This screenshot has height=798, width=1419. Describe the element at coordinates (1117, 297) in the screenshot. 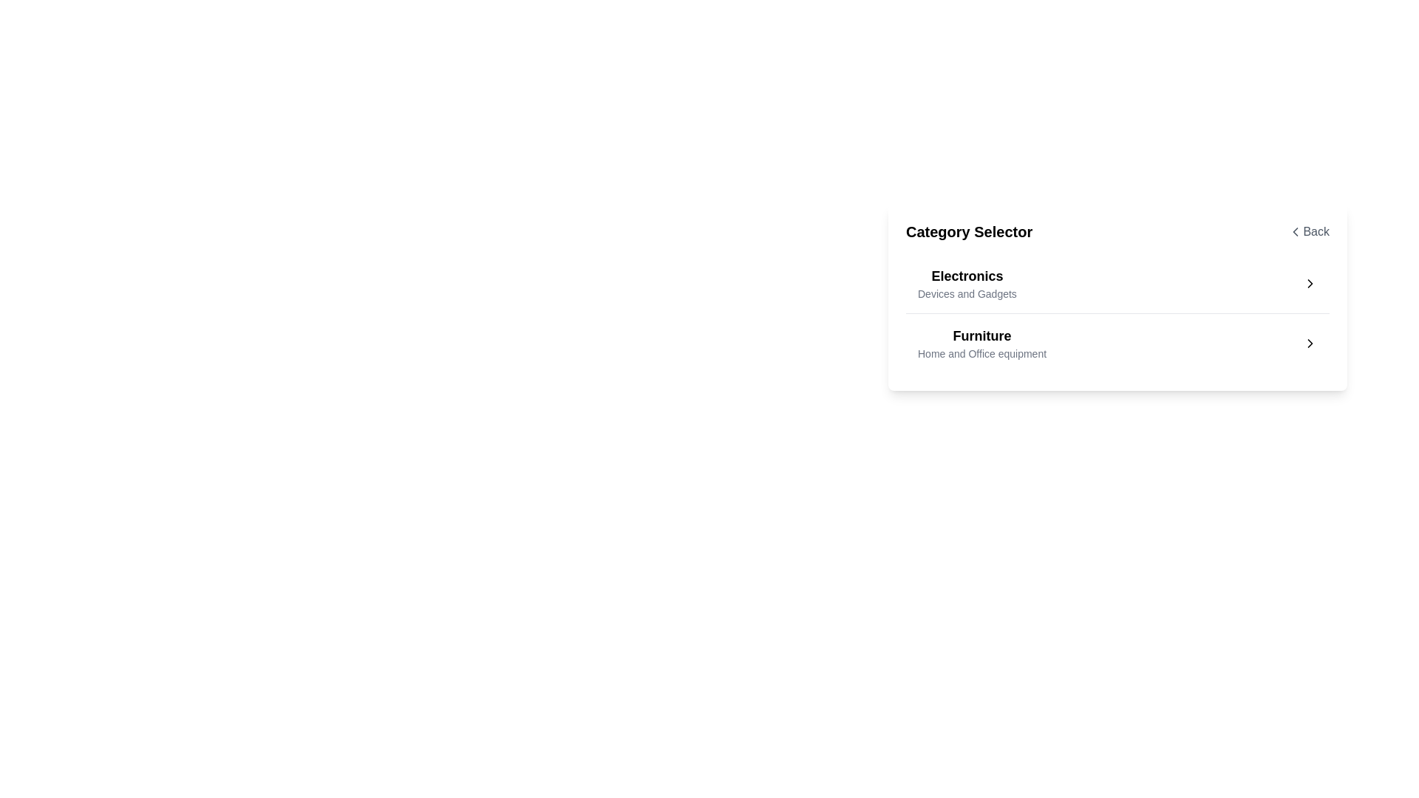

I see `a row in the category selection panel located in the upper-middle area of the interface` at that location.